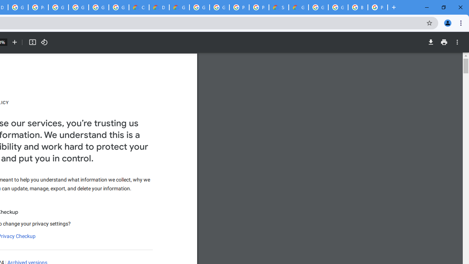  I want to click on 'Rotate counterclockwise', so click(44, 42).